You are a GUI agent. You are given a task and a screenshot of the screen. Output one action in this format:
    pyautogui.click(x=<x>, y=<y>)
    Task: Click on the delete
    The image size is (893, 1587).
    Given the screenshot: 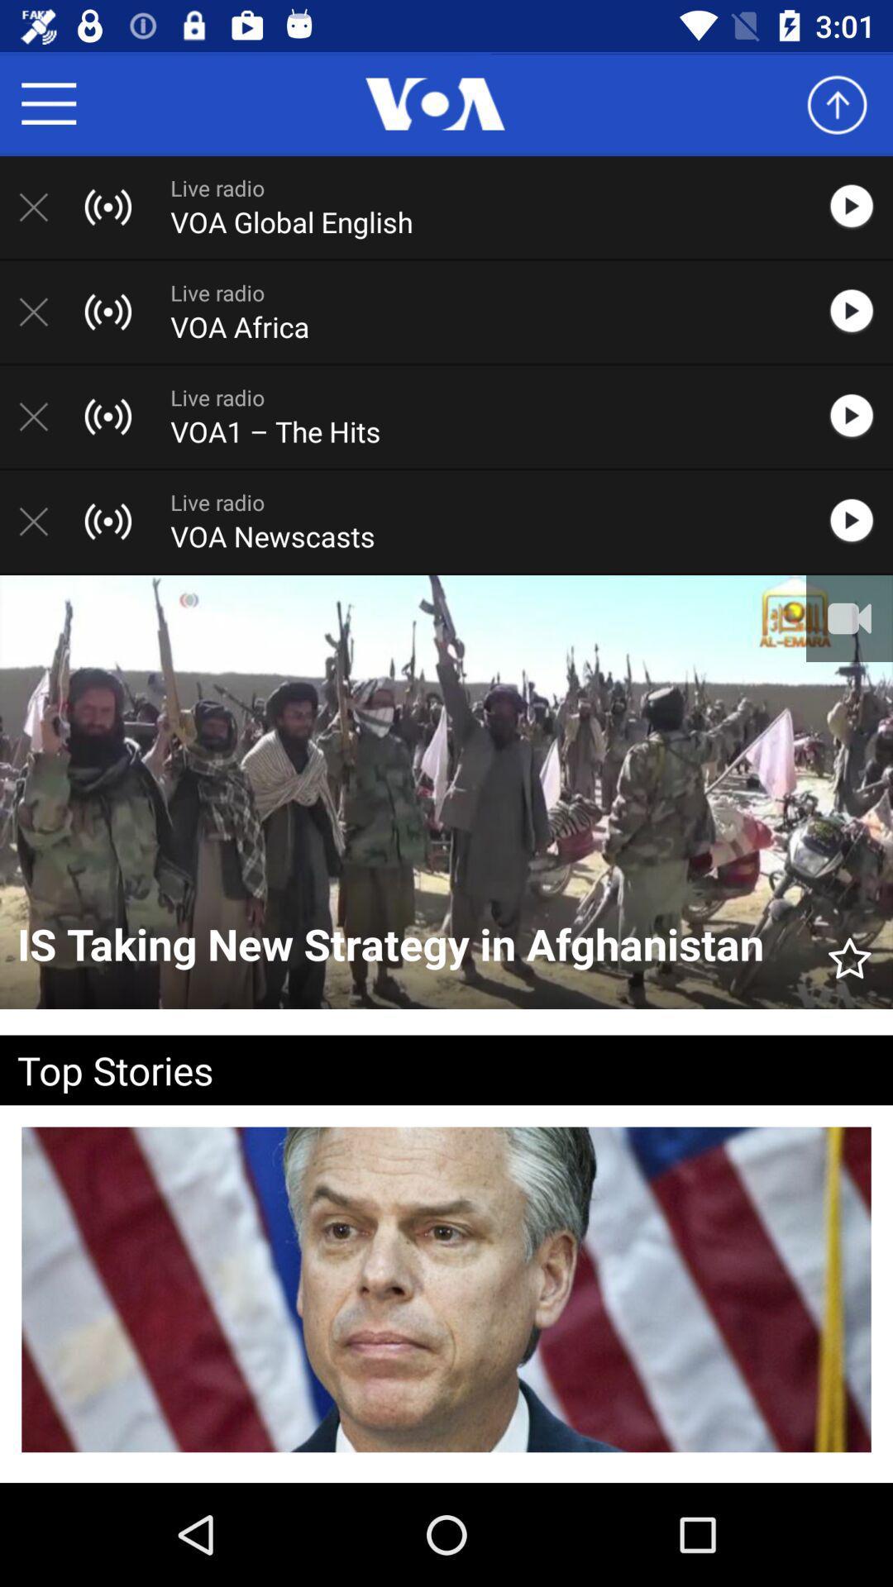 What is the action you would take?
    pyautogui.click(x=41, y=206)
    